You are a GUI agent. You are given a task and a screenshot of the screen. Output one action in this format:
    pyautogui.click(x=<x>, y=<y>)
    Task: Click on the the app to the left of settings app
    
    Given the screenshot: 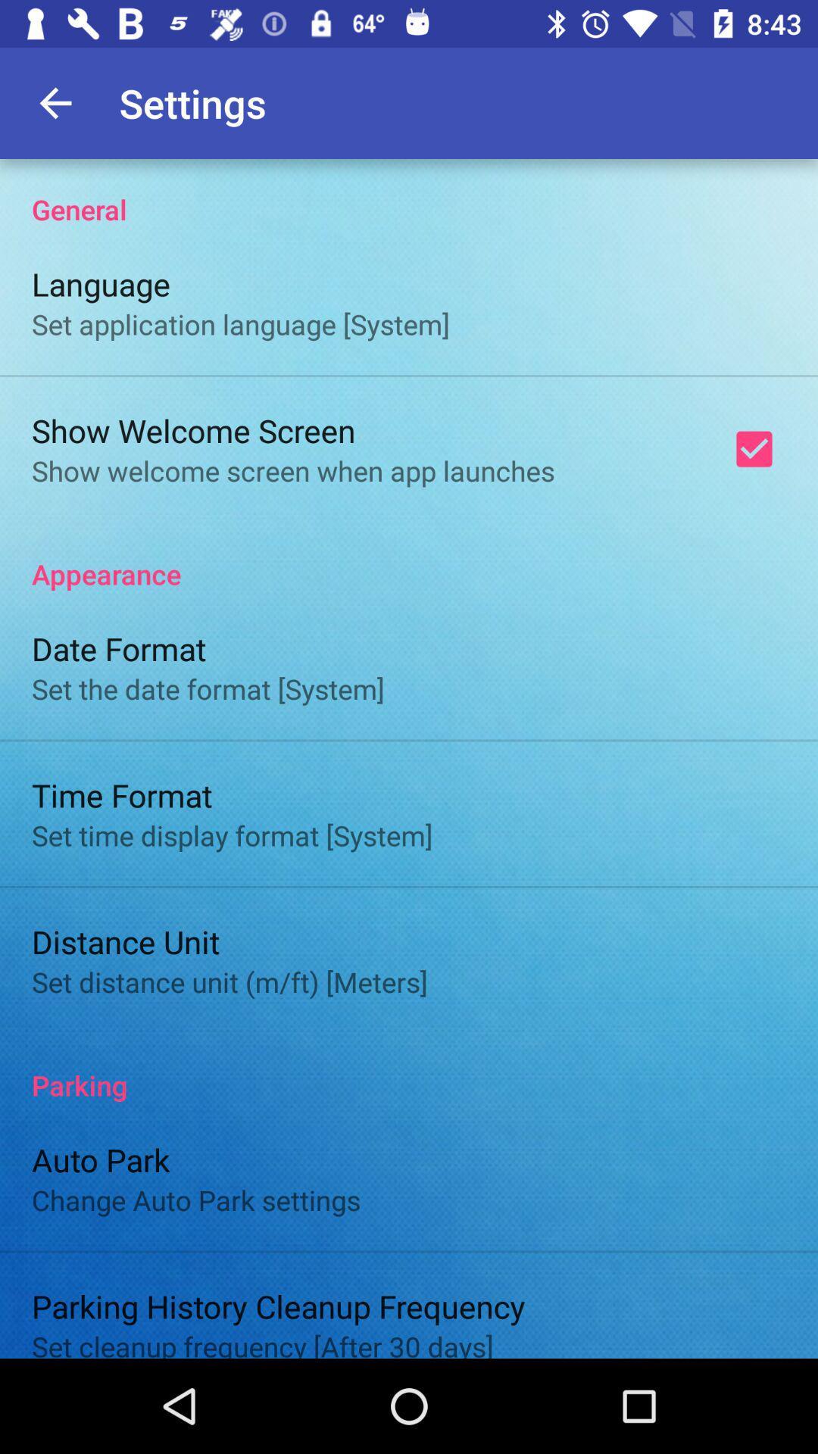 What is the action you would take?
    pyautogui.click(x=55, y=102)
    